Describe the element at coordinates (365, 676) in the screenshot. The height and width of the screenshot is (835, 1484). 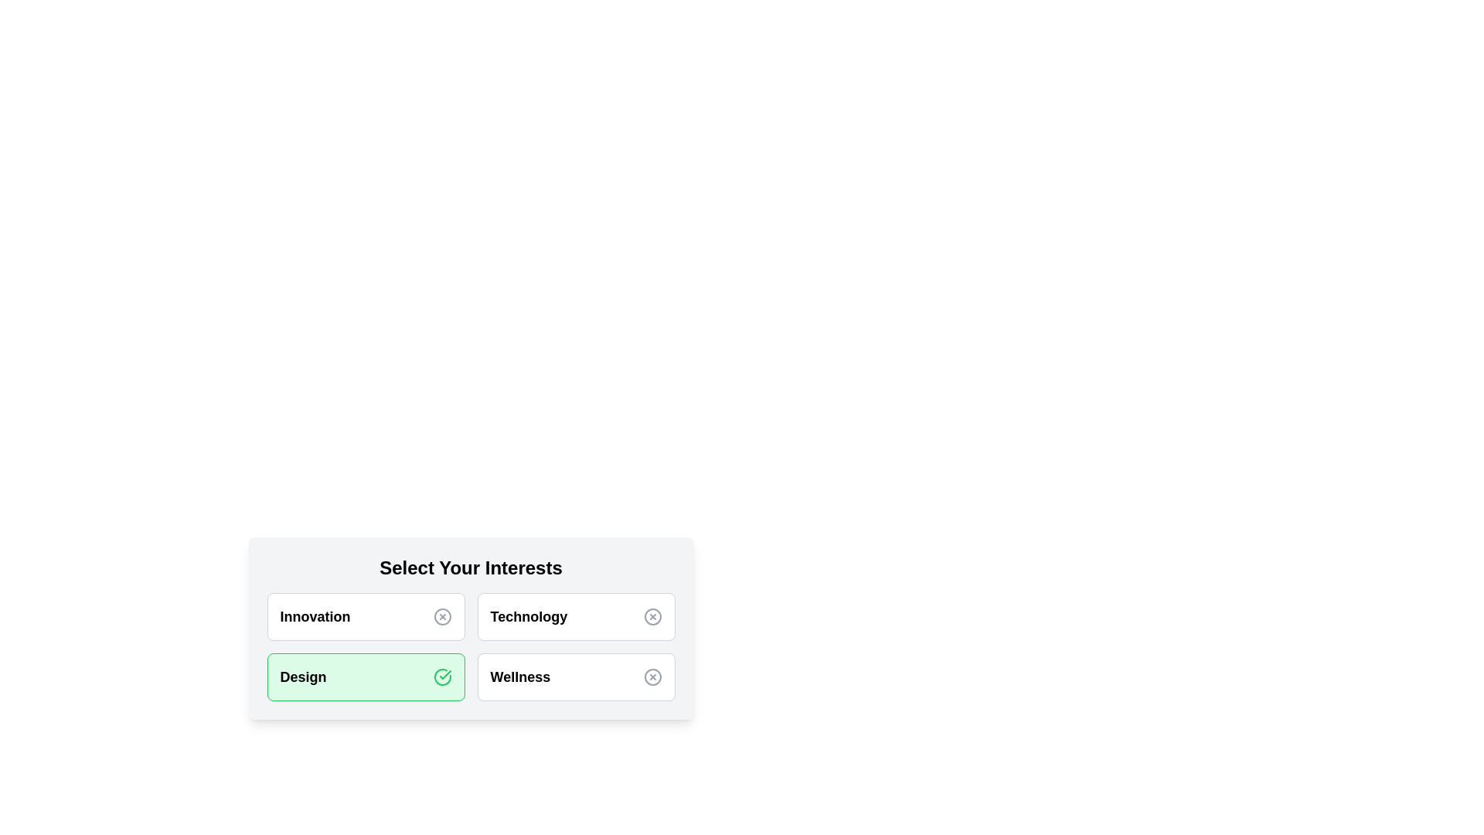
I see `the category Design to see its hover effect` at that location.